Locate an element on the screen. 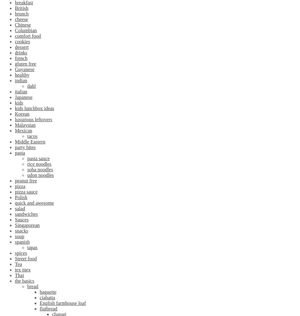 The image size is (300, 316). 'soba noodles' is located at coordinates (27, 169).